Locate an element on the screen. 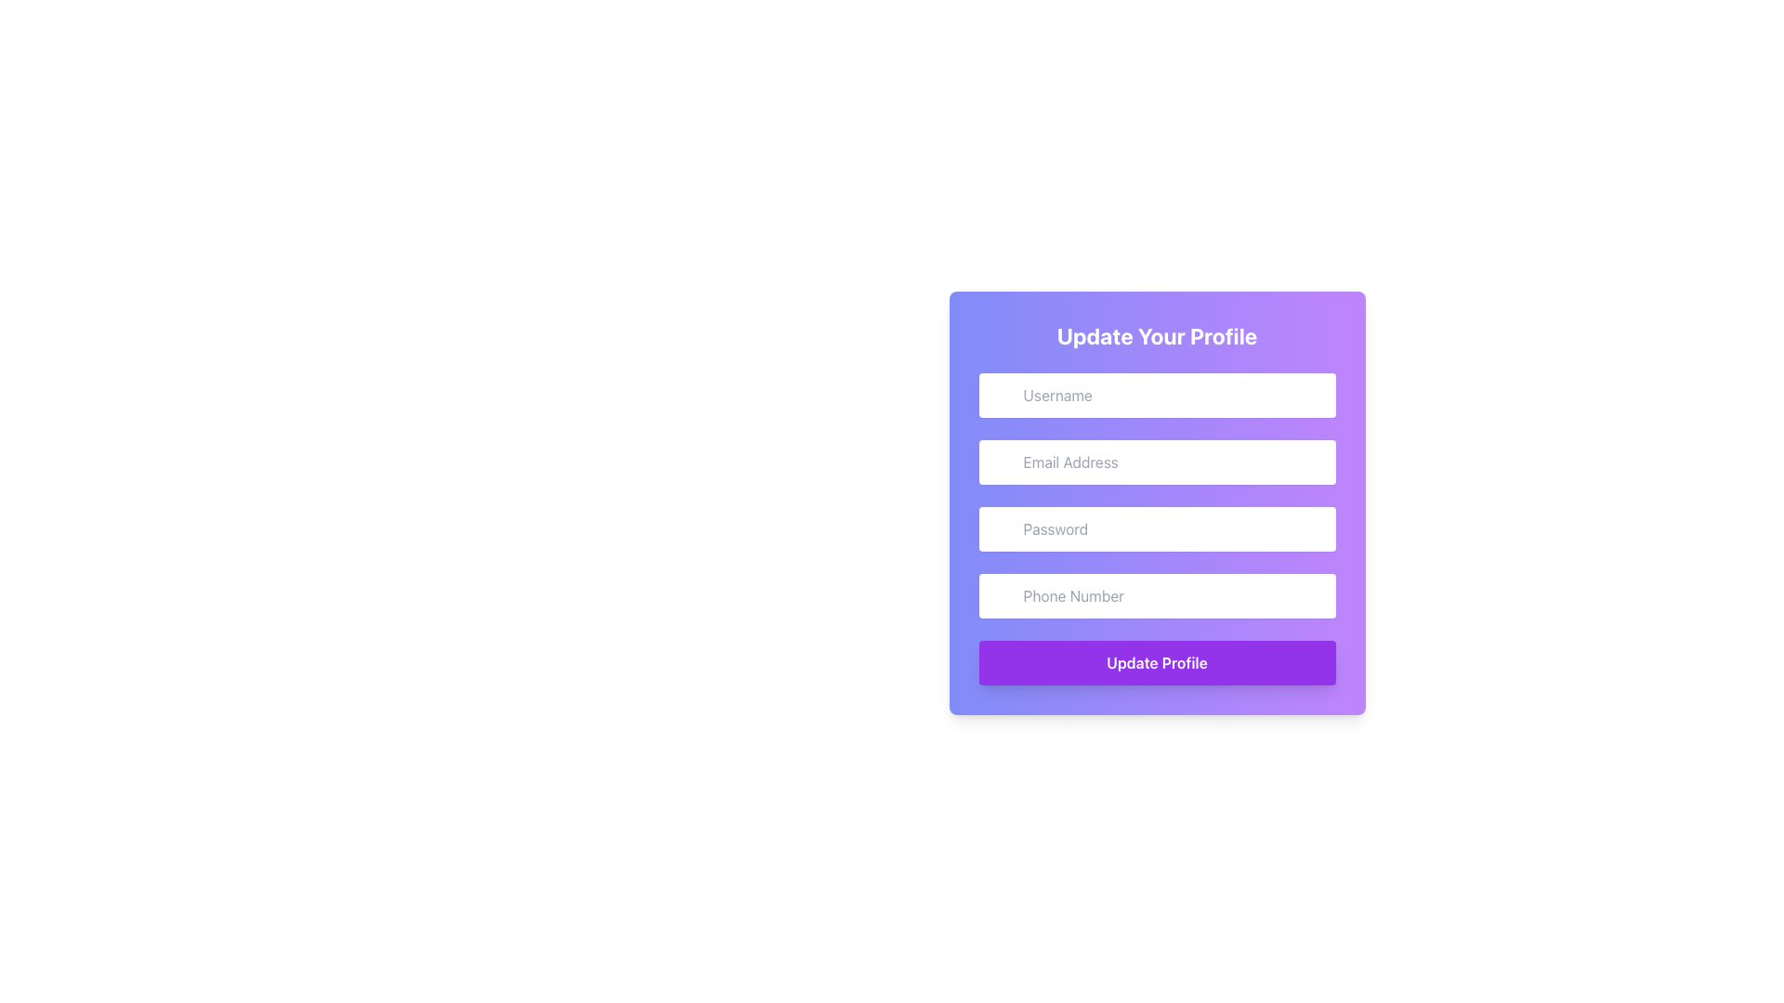 Image resolution: width=1784 pixels, height=1003 pixels. the text input field for 'Username' in the 'Update Your Profile' form is located at coordinates (1156, 394).